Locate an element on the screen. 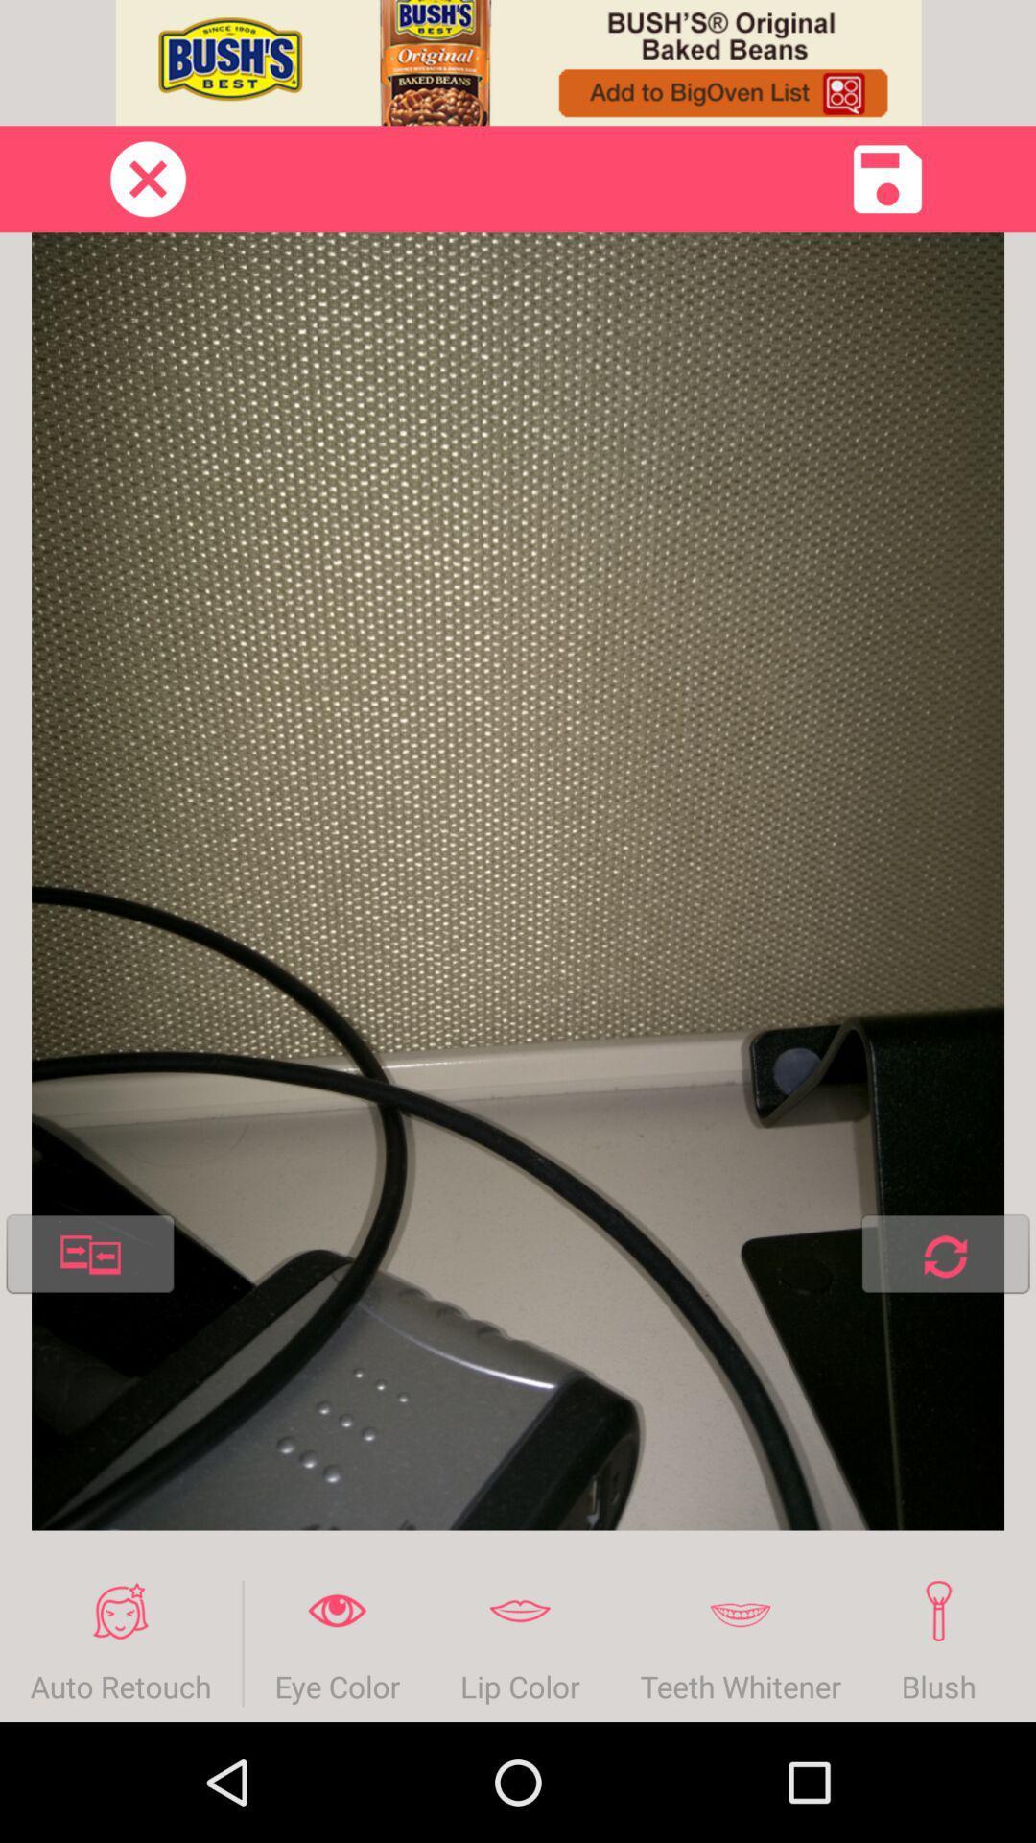 The width and height of the screenshot is (1036, 1843). eye color icon is located at coordinates (336, 1642).